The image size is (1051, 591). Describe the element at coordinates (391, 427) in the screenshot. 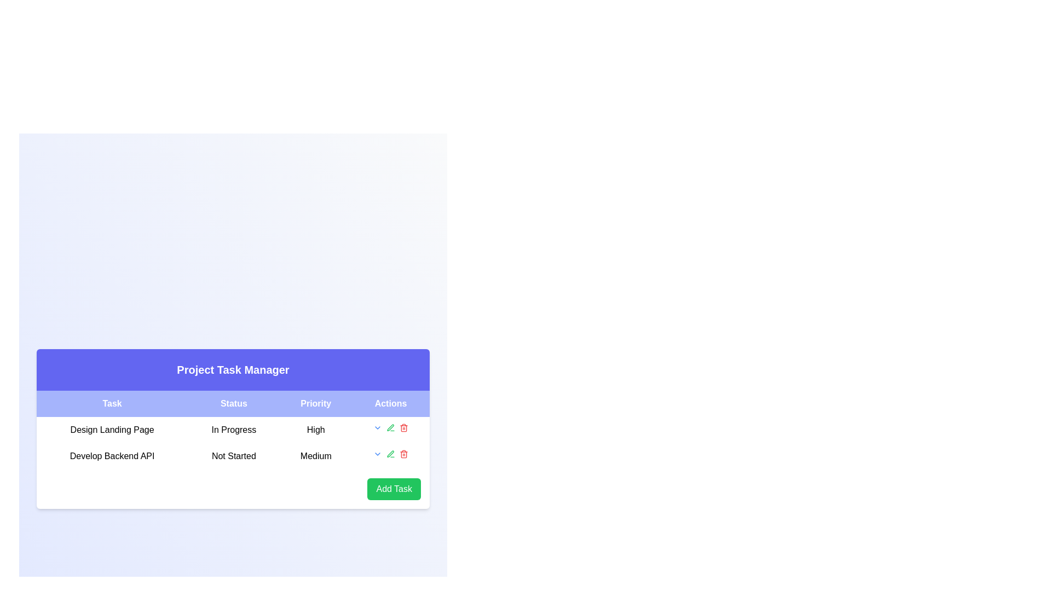

I see `the green pen icon in the 'Actions' column of the second row of the task table` at that location.